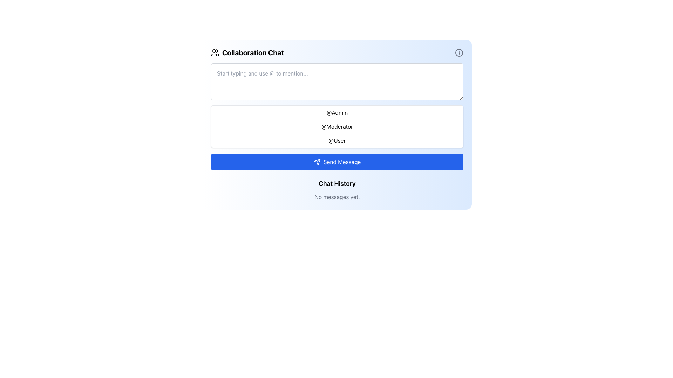 The image size is (673, 378). I want to click on the group of people icon located in the top-left corner of the header bar of the 'Collaboration Chat' section, so click(215, 52).